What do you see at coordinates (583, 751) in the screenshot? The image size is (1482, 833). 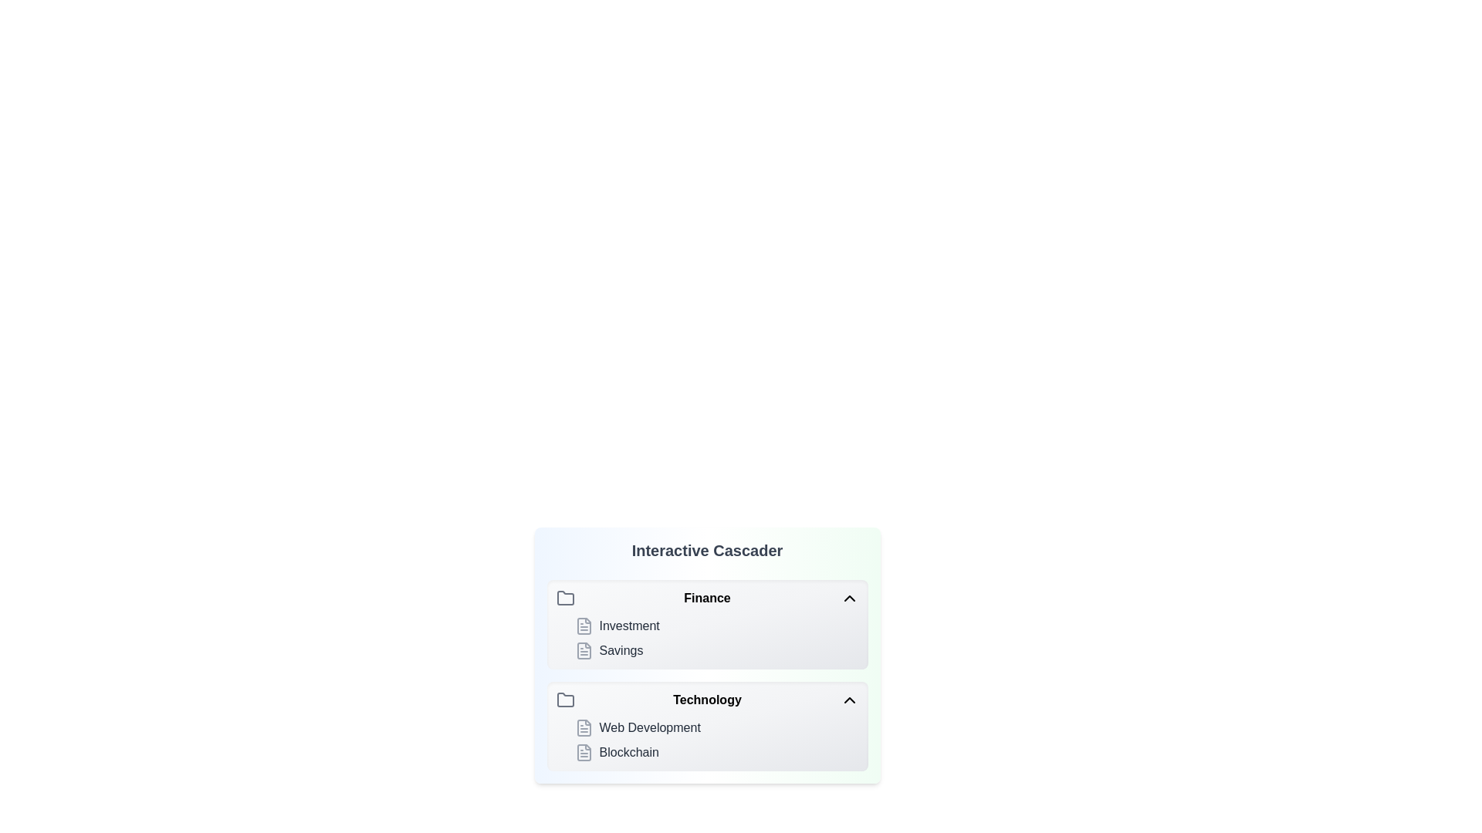 I see `the document icon styled in gray, located to the left of the text 'Blockchain' in the 'Technology' section of the second collapsible group under 'Interactive Cascader'` at bounding box center [583, 751].